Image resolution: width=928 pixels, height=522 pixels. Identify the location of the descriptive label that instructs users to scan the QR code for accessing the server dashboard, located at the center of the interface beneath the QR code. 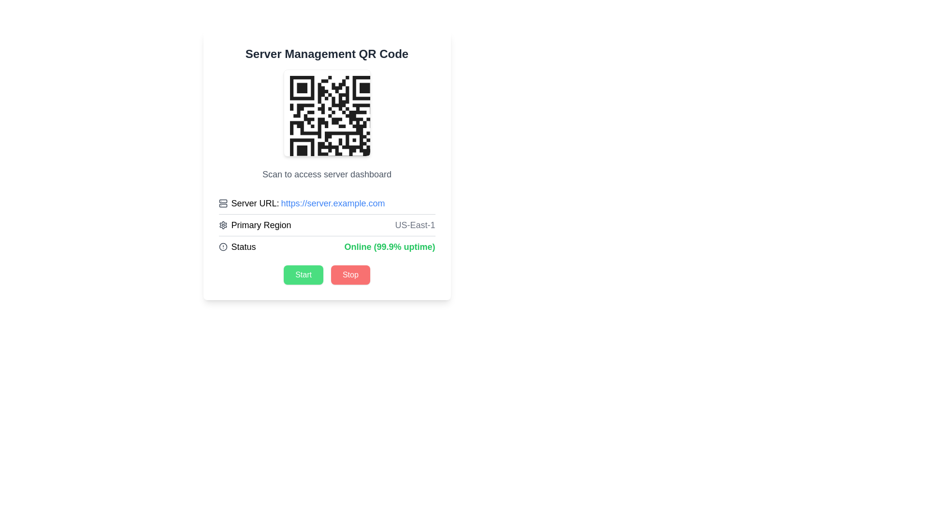
(327, 174).